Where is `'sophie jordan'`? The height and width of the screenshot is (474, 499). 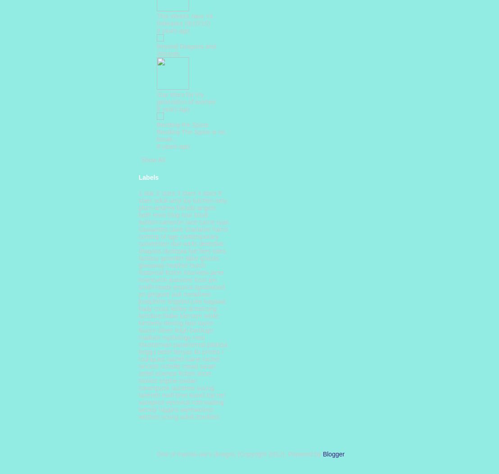 'sophie jordan' is located at coordinates (178, 380).